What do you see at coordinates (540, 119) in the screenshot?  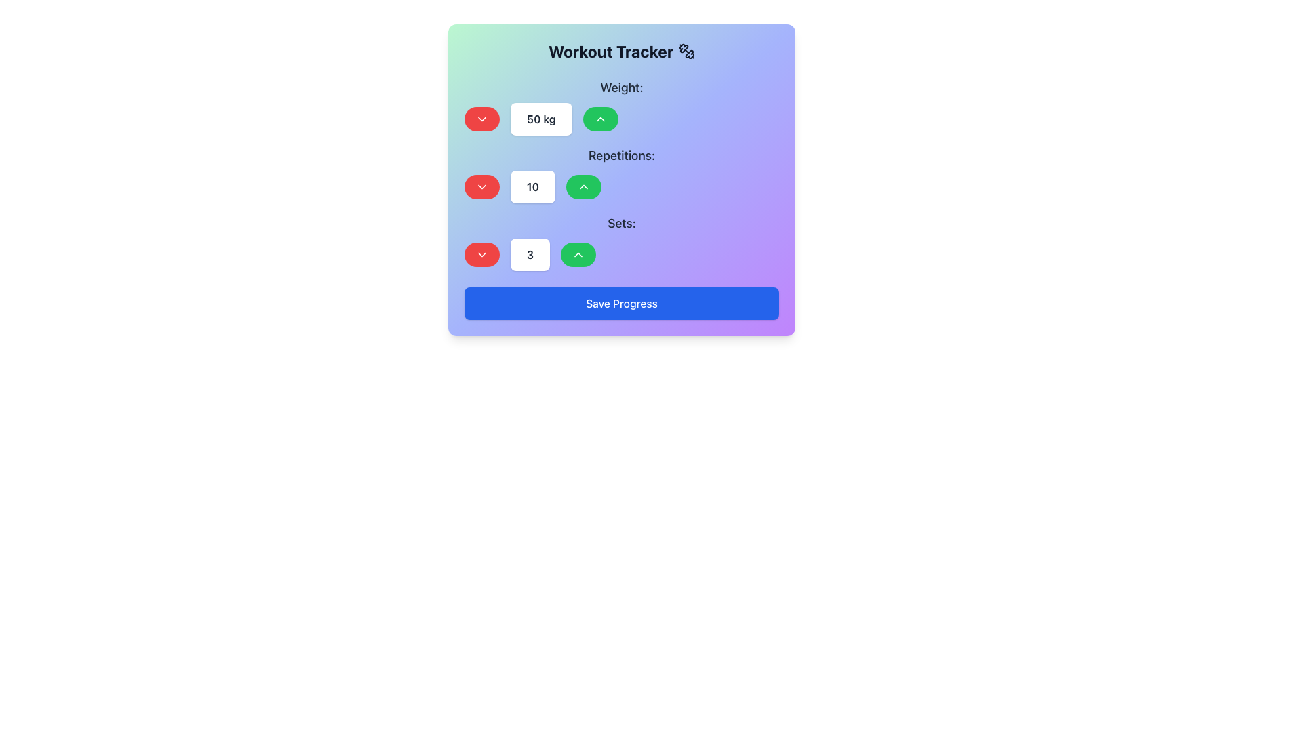 I see `the static informational text box displaying '50 kg', prominently placed in the 'Weight:' section between the left and right arrow buttons` at bounding box center [540, 119].